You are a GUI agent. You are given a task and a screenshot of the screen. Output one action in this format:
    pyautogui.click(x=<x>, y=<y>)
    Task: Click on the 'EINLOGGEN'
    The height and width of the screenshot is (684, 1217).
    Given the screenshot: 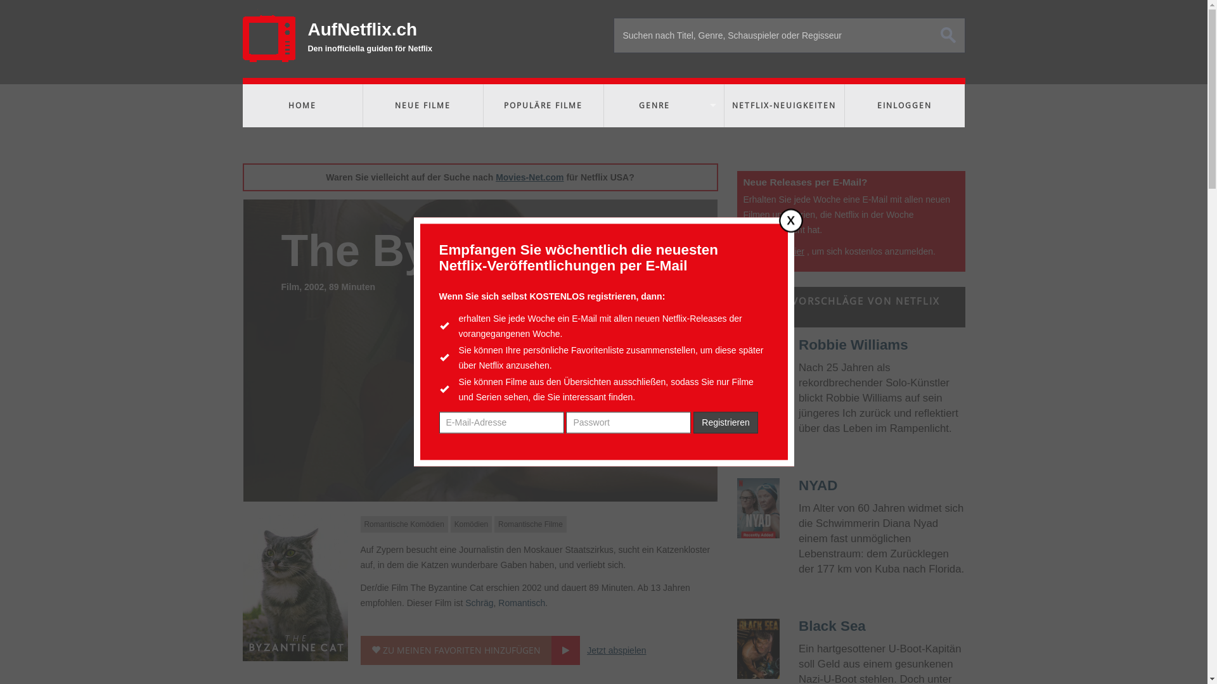 What is the action you would take?
    pyautogui.click(x=903, y=104)
    